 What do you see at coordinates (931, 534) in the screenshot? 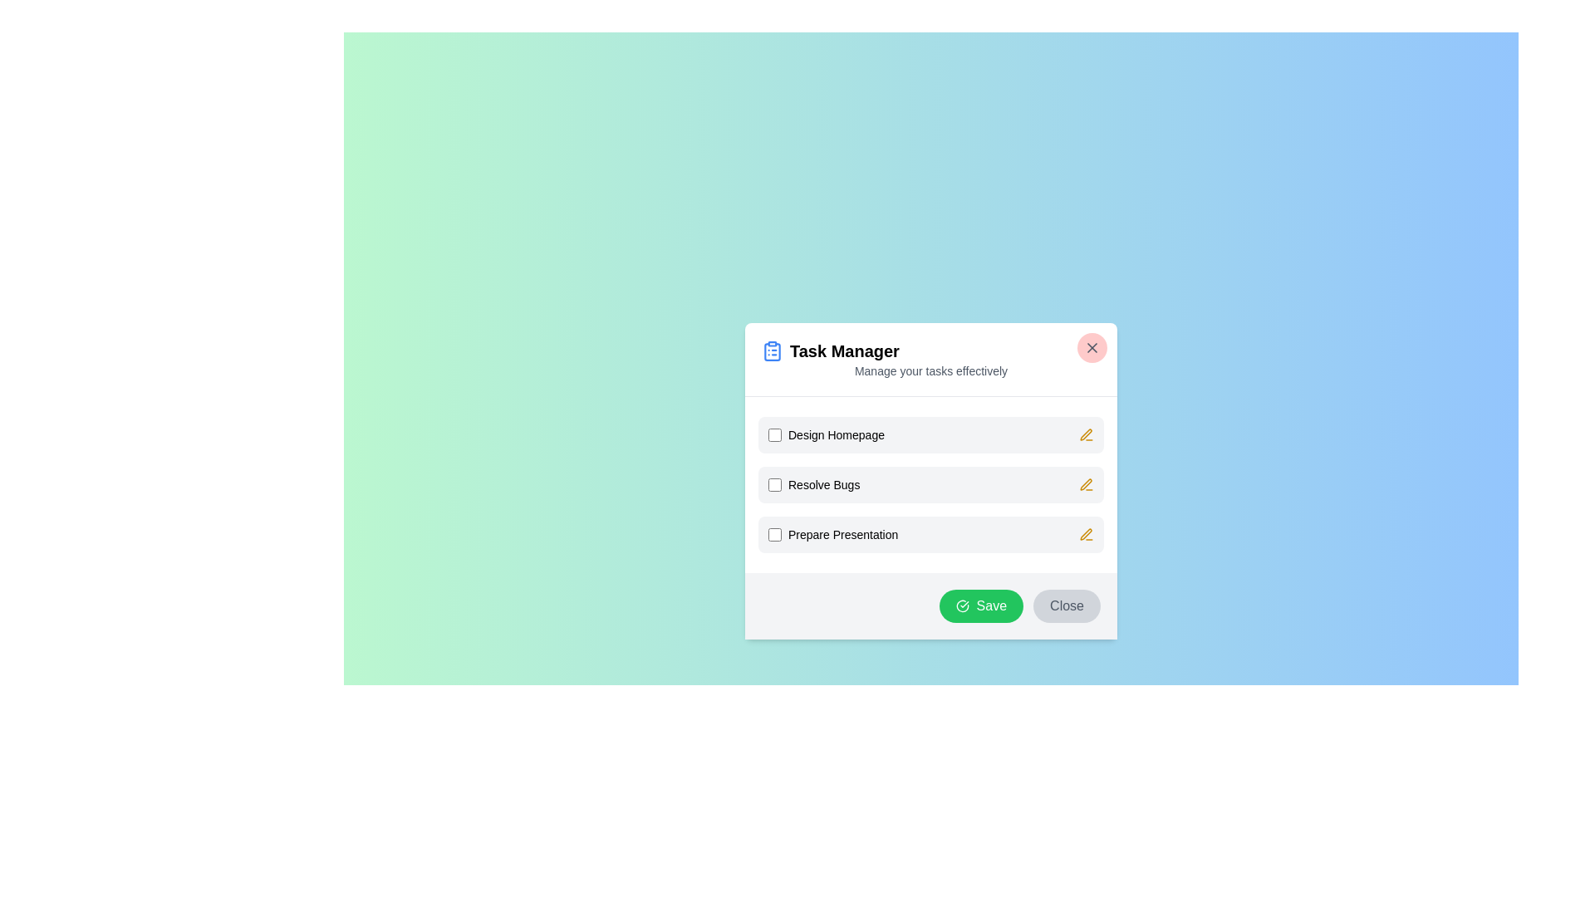
I see `the third task entry in the task manager` at bounding box center [931, 534].